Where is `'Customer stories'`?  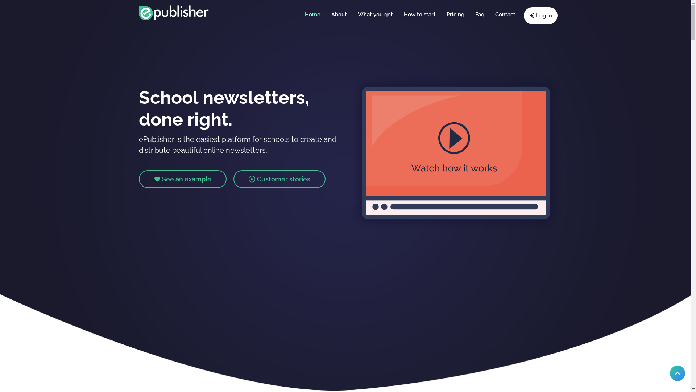
'Customer stories' is located at coordinates (279, 179).